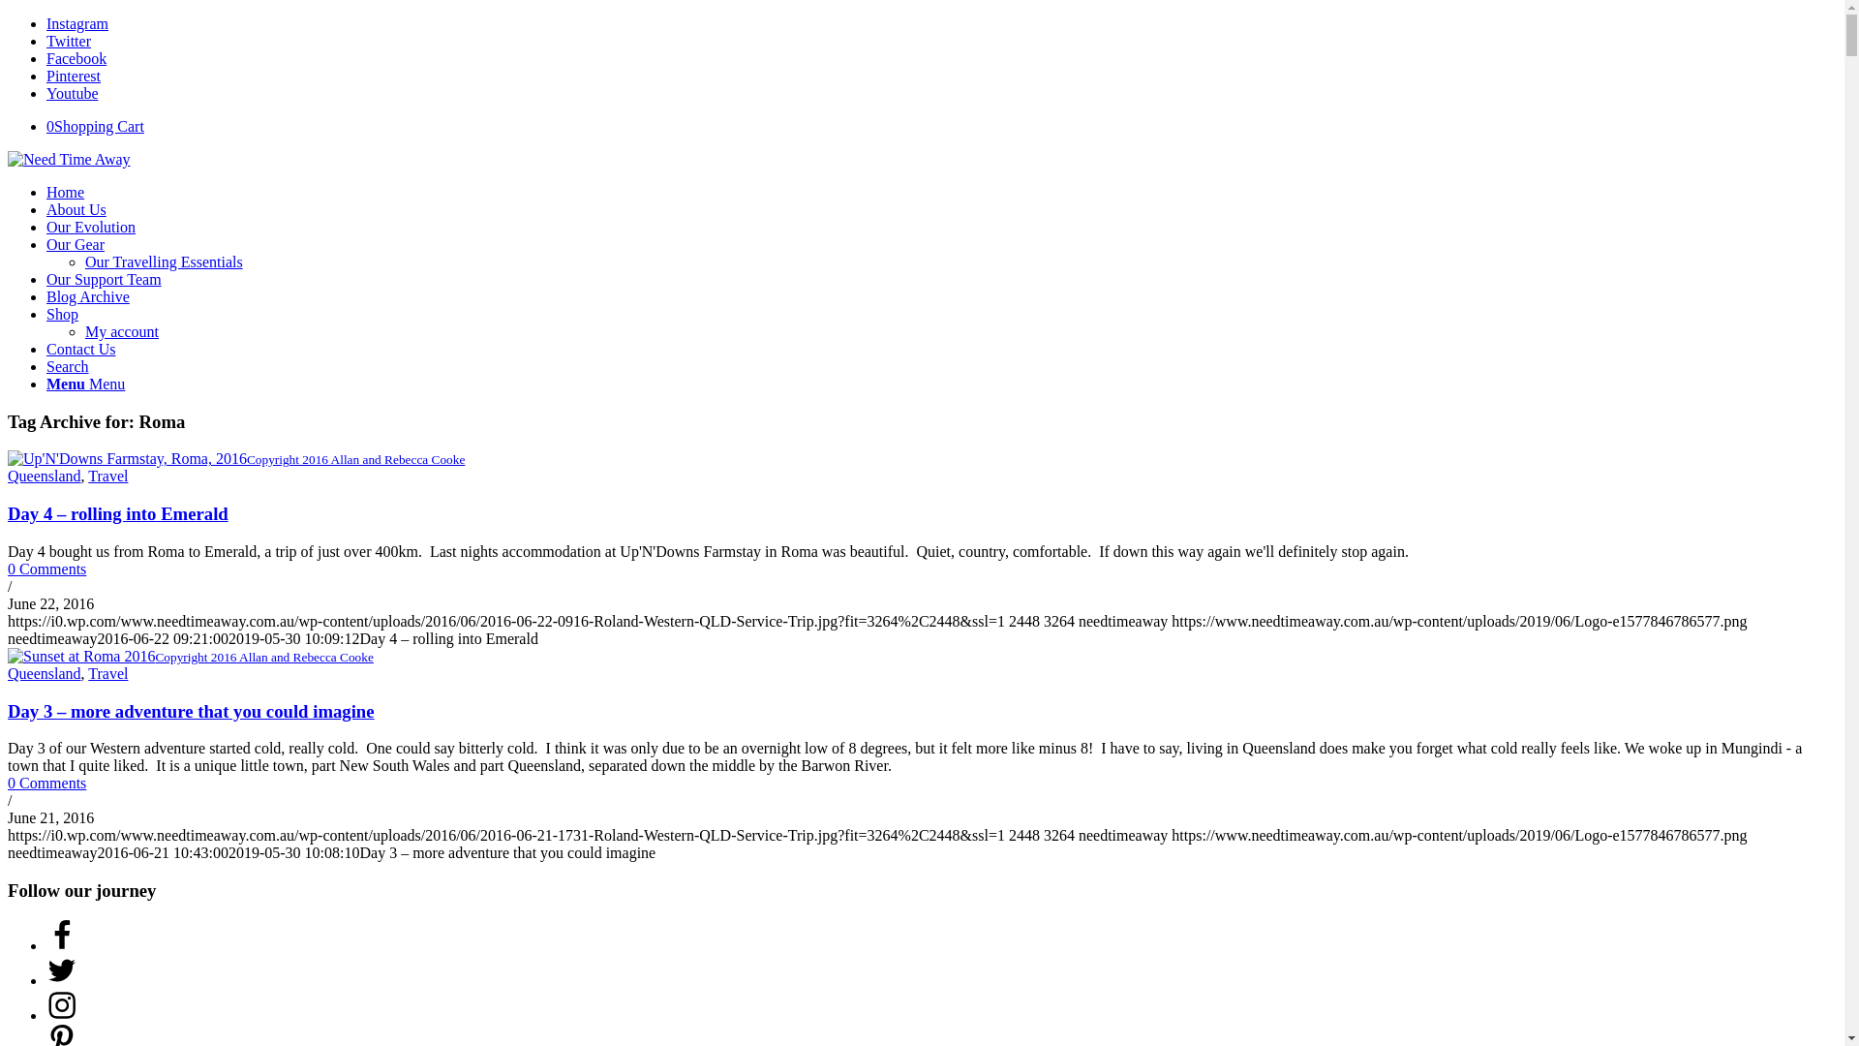  Describe the element at coordinates (235, 458) in the screenshot. I see `'Copyright 2016 Allan and Rebecca Cooke'` at that location.